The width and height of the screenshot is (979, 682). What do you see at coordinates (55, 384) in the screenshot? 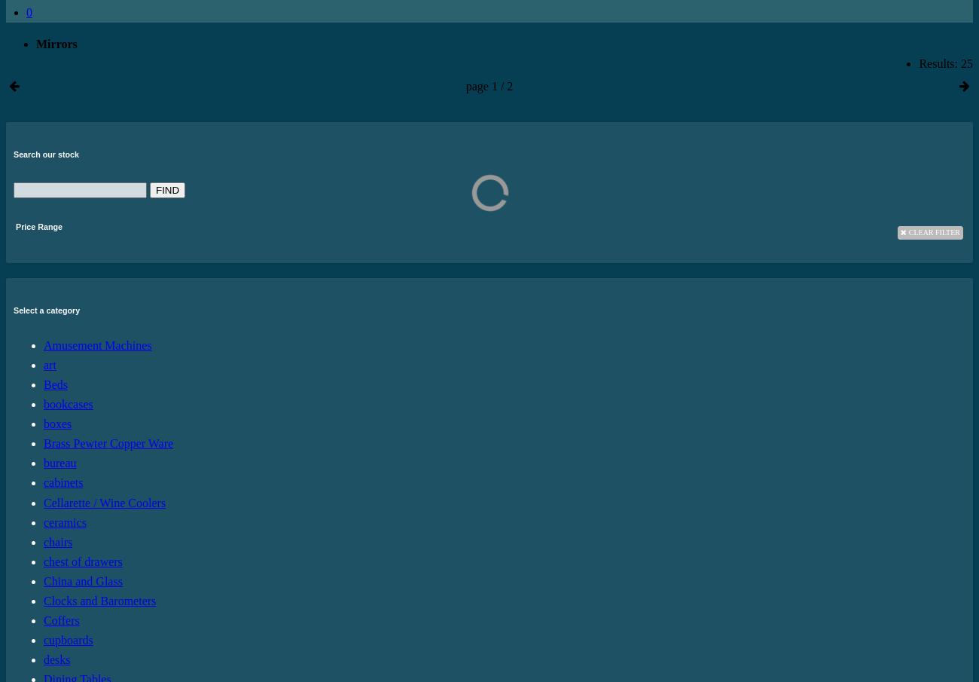
I see `'Beds'` at bounding box center [55, 384].